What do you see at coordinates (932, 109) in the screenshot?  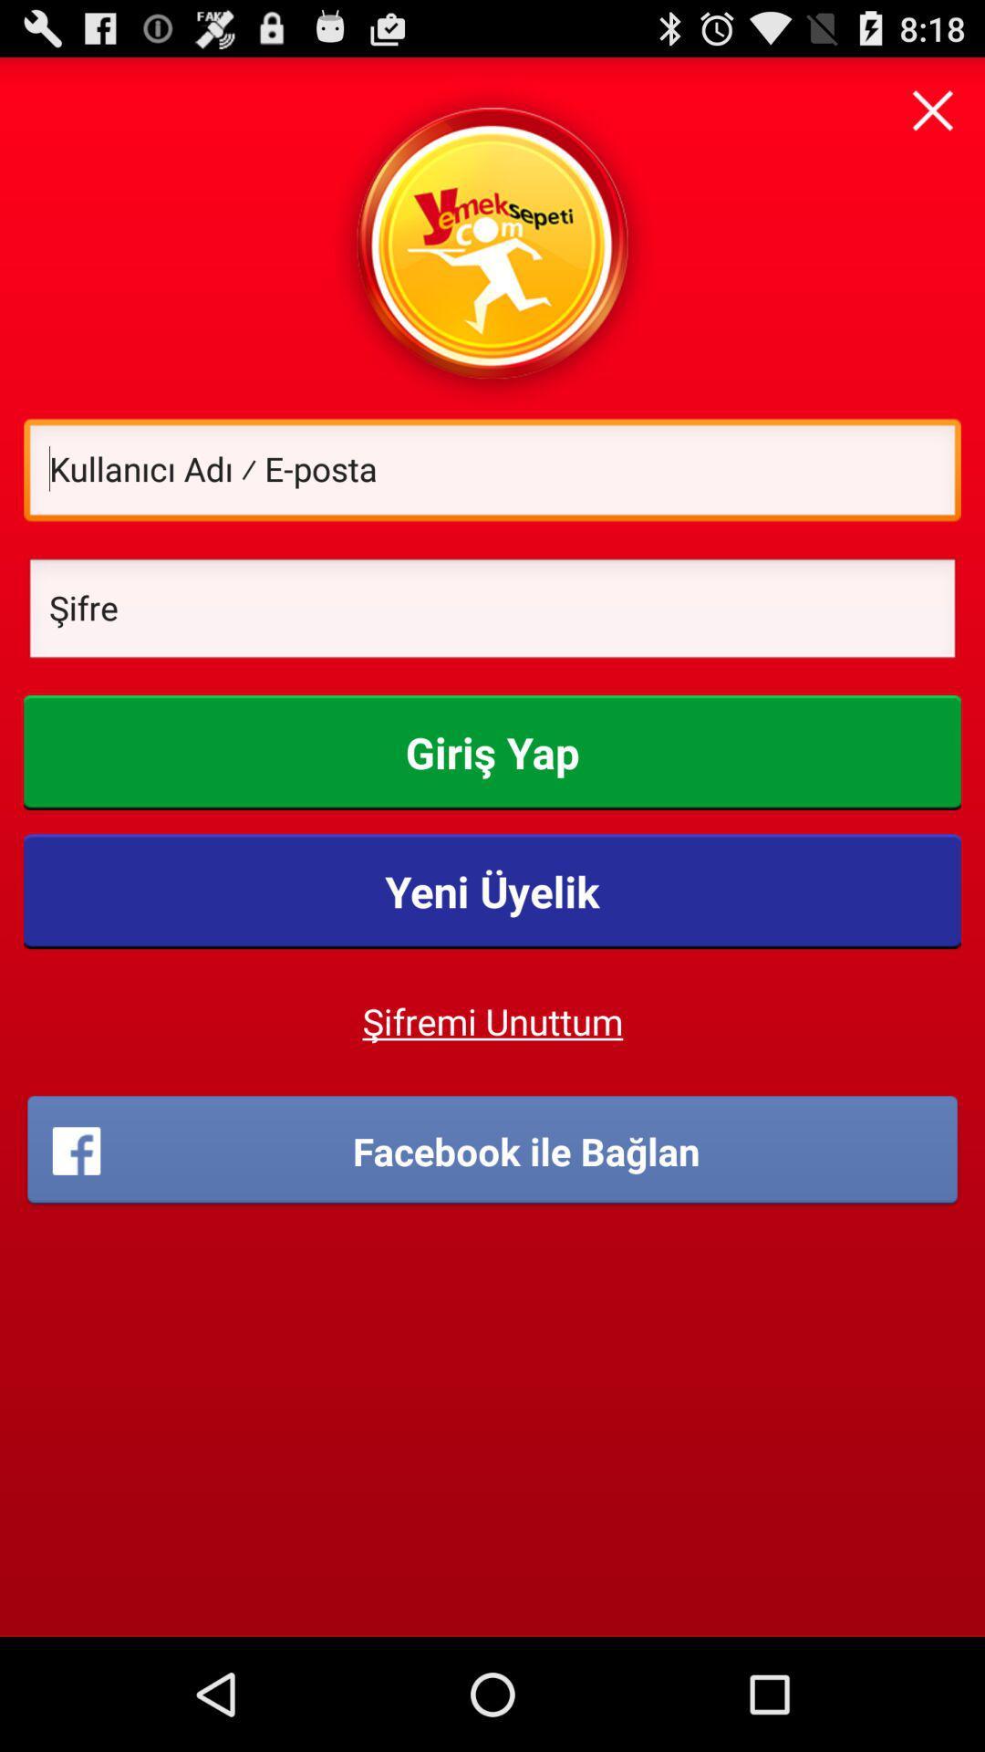 I see `the item at the top right corner` at bounding box center [932, 109].